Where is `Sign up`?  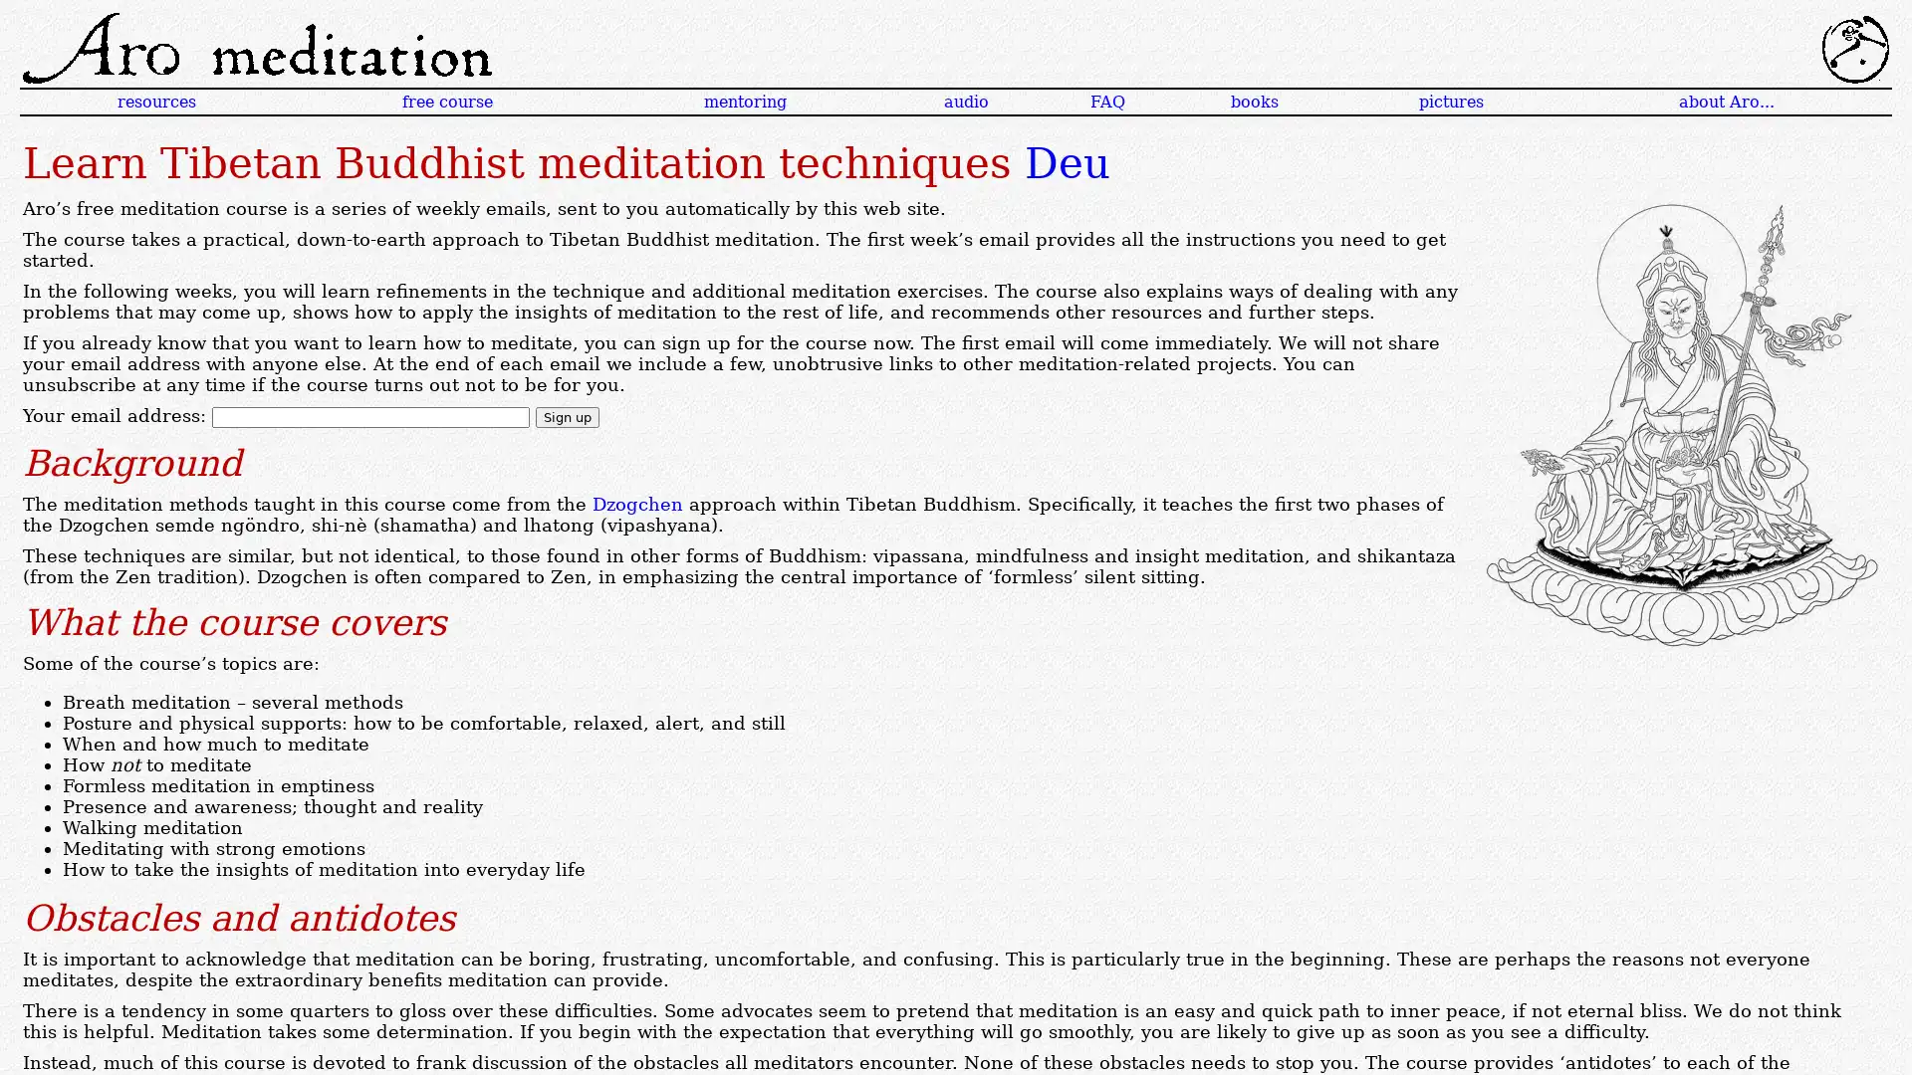
Sign up is located at coordinates (567, 416).